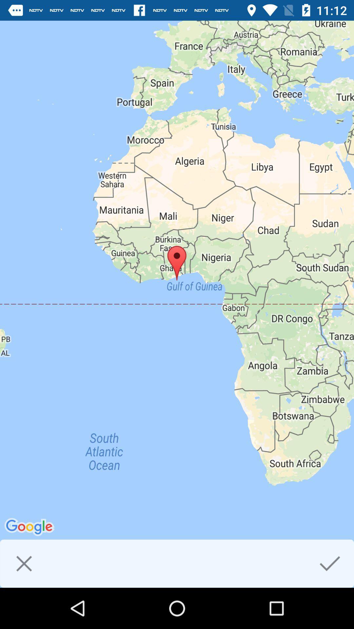  I want to click on the check icon, so click(330, 563).